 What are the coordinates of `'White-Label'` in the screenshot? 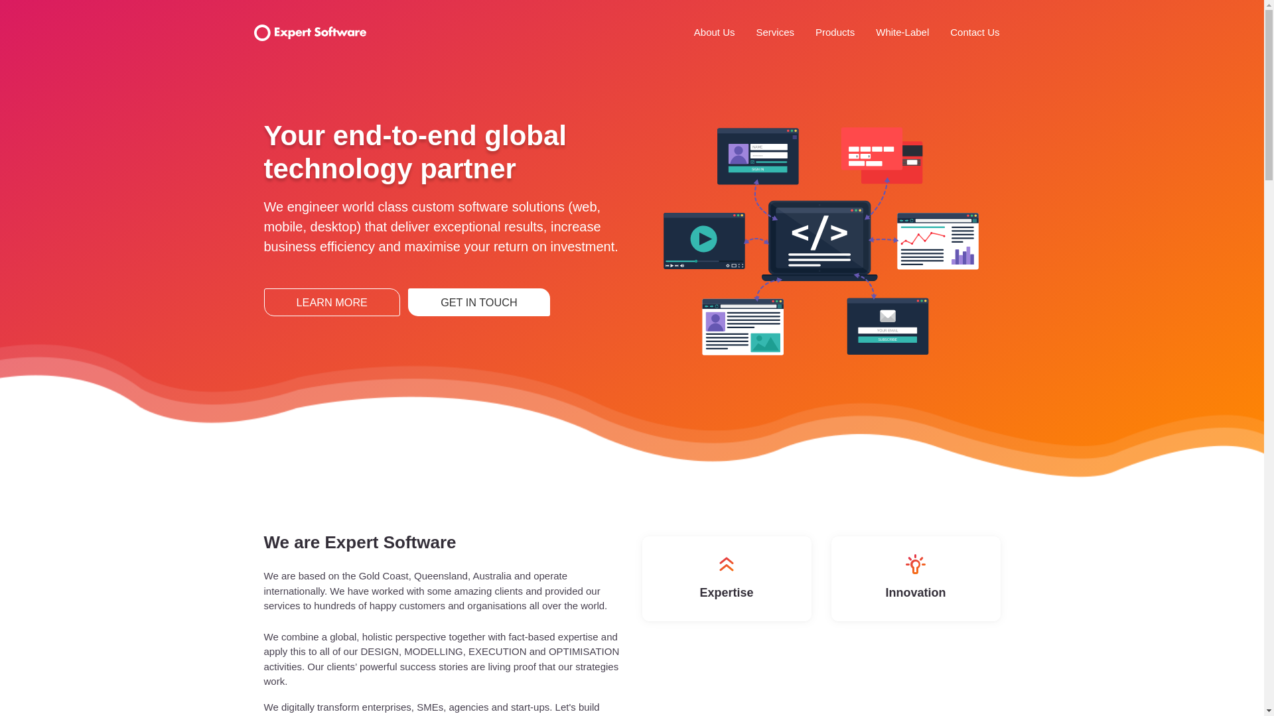 It's located at (902, 32).